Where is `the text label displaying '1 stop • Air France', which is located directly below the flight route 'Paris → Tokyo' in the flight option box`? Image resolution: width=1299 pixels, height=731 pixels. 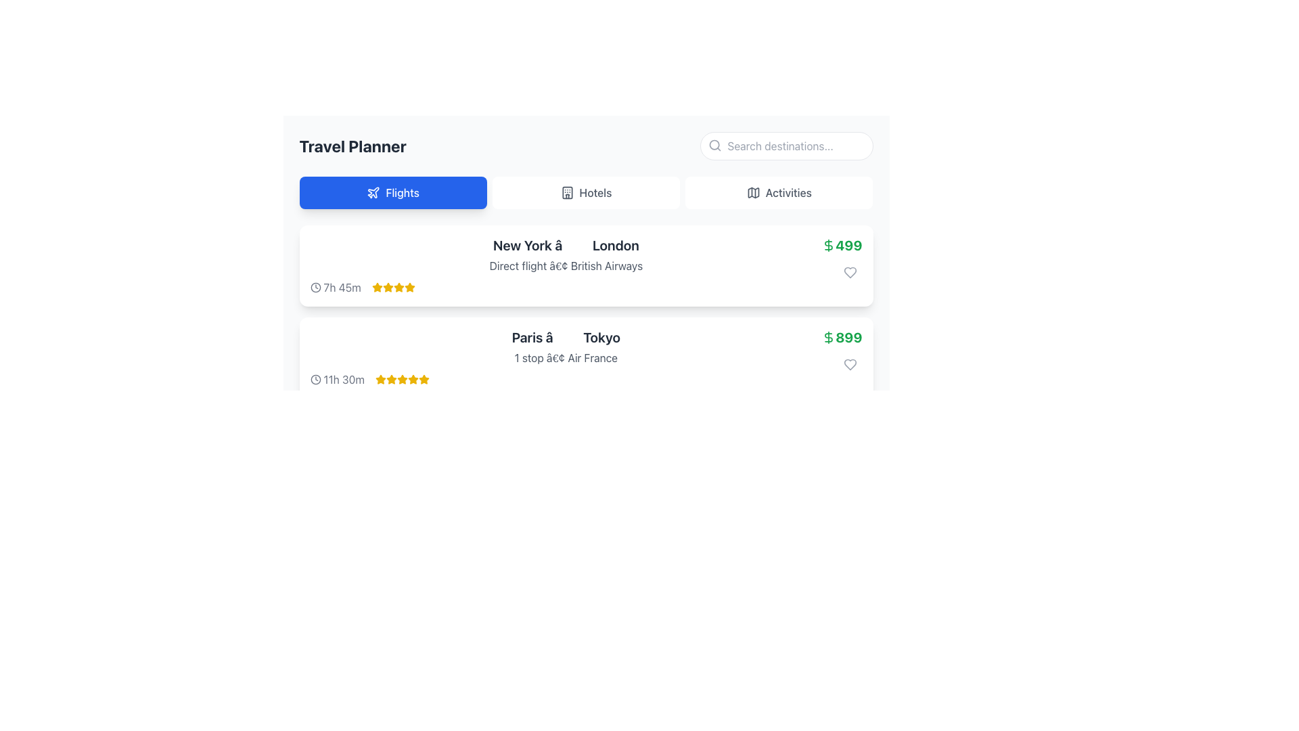 the text label displaying '1 stop • Air France', which is located directly below the flight route 'Paris → Tokyo' in the flight option box is located at coordinates (566, 357).